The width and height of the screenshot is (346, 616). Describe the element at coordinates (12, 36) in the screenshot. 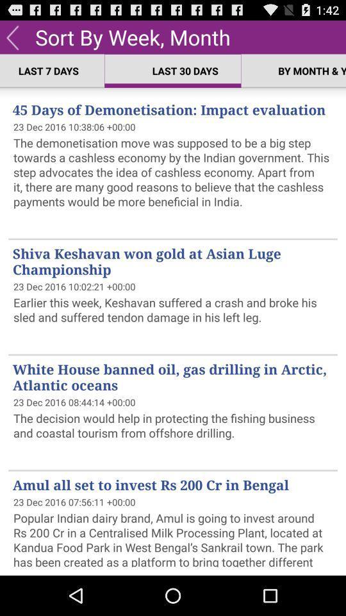

I see `the icon next to sort by week app` at that location.